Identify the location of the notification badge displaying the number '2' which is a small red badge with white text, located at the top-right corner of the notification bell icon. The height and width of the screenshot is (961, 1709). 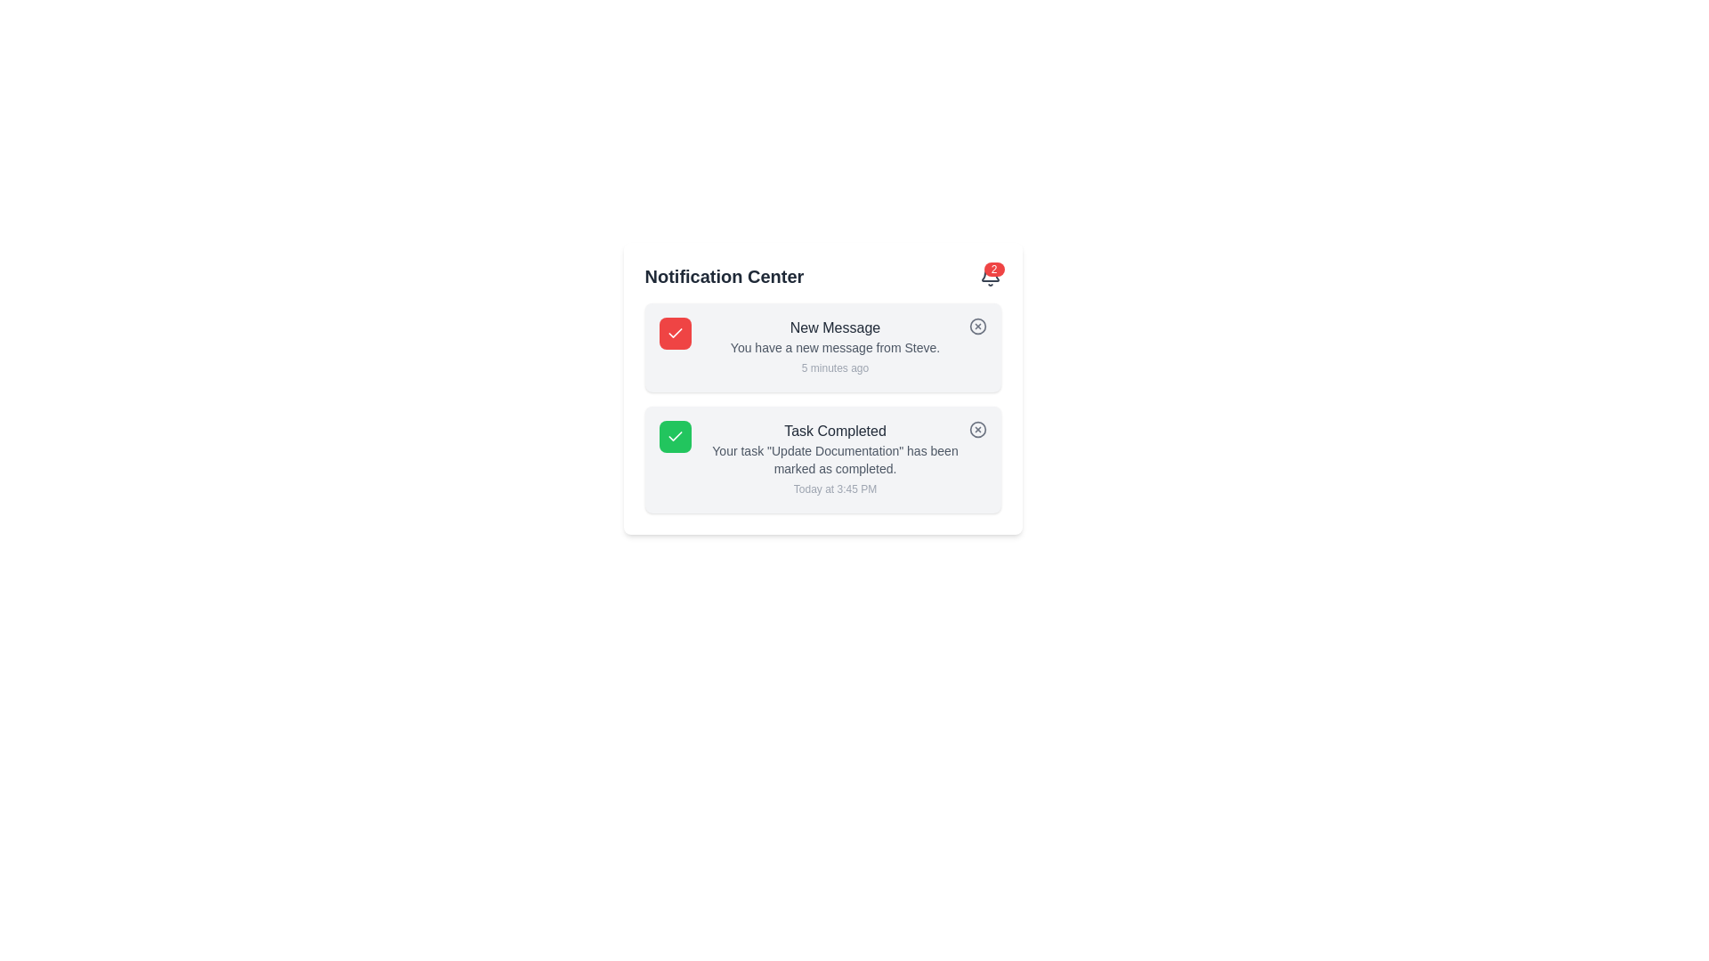
(993, 270).